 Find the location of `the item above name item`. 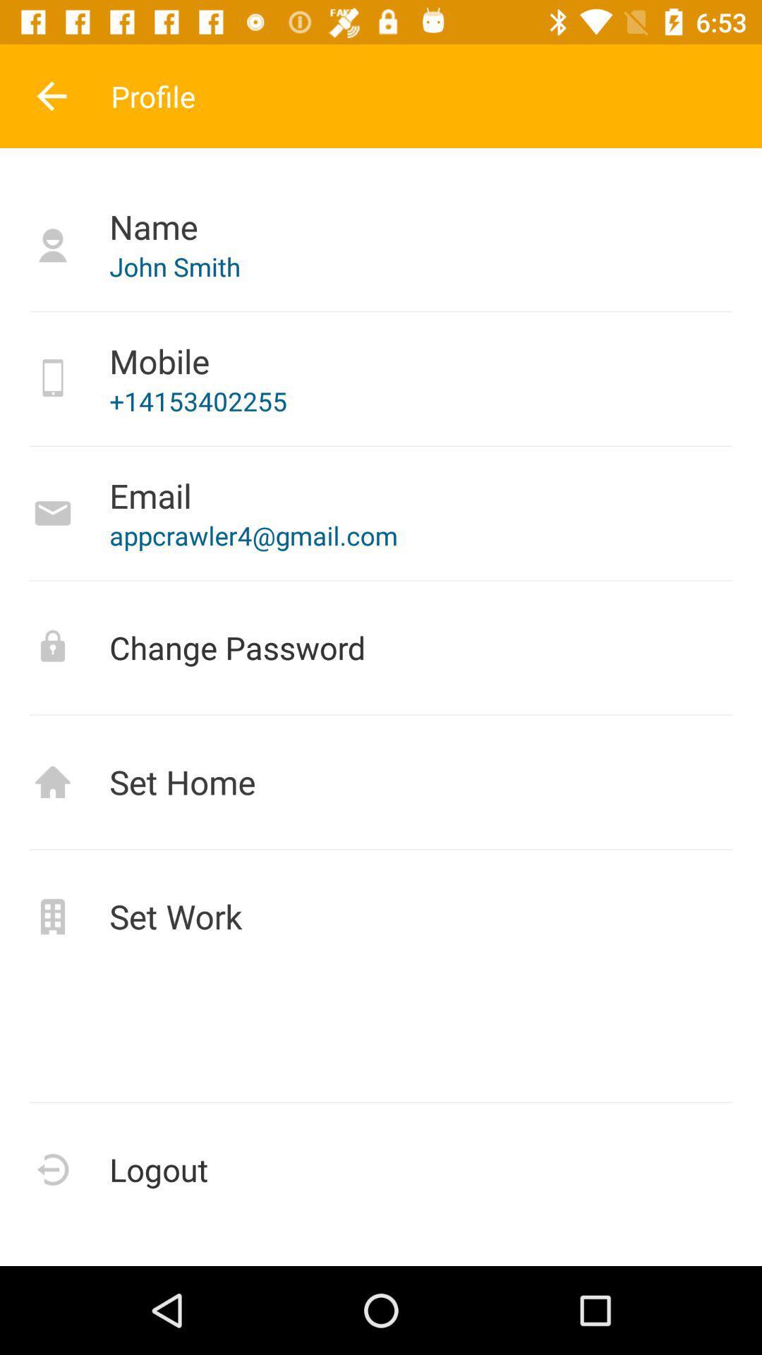

the item above name item is located at coordinates (51, 95).